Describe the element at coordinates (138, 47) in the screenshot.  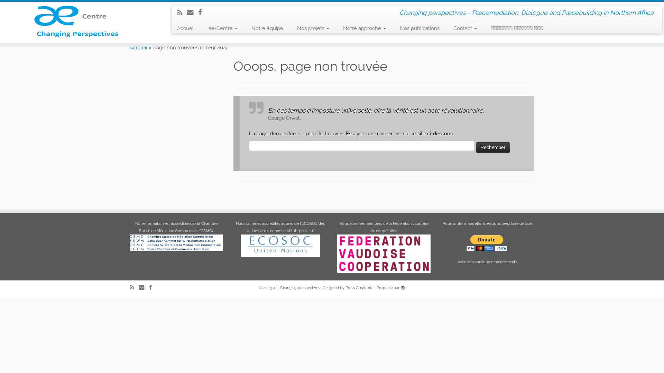
I see `'Accueil'` at that location.